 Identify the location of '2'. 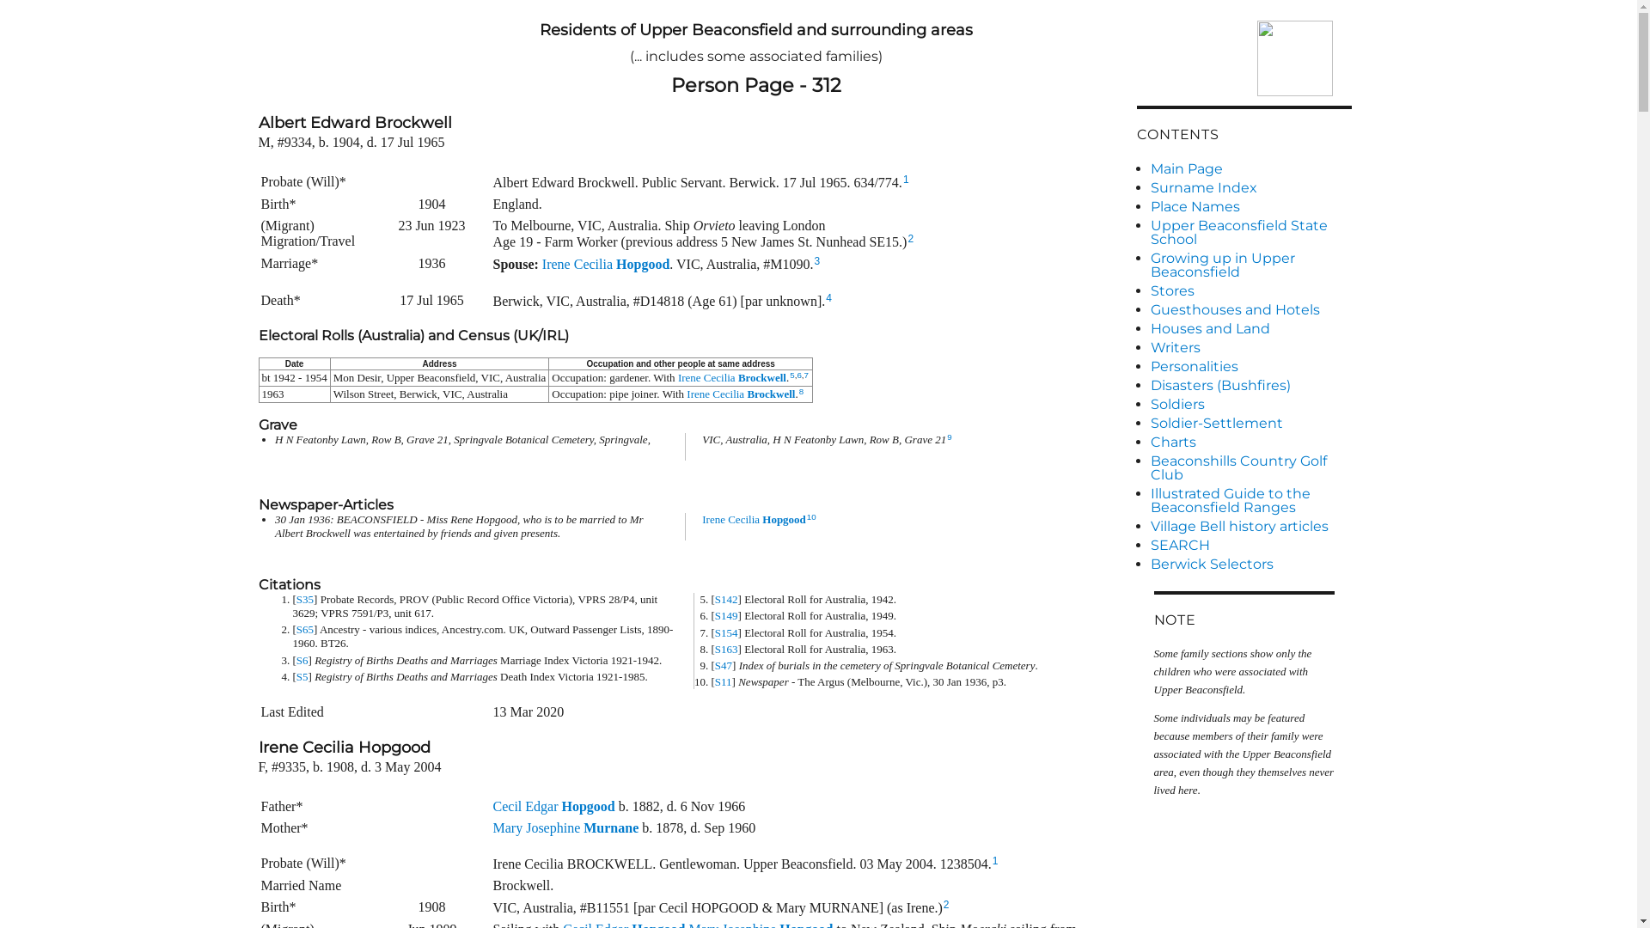
(909, 238).